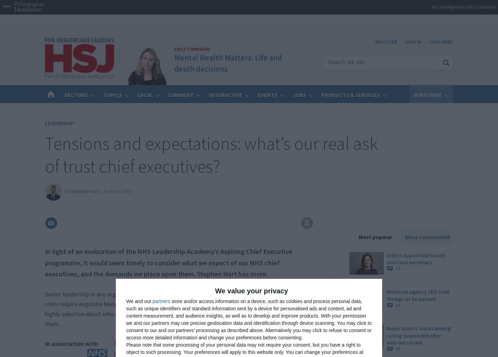  What do you see at coordinates (71, 343) in the screenshot?
I see `'In association with'` at bounding box center [71, 343].